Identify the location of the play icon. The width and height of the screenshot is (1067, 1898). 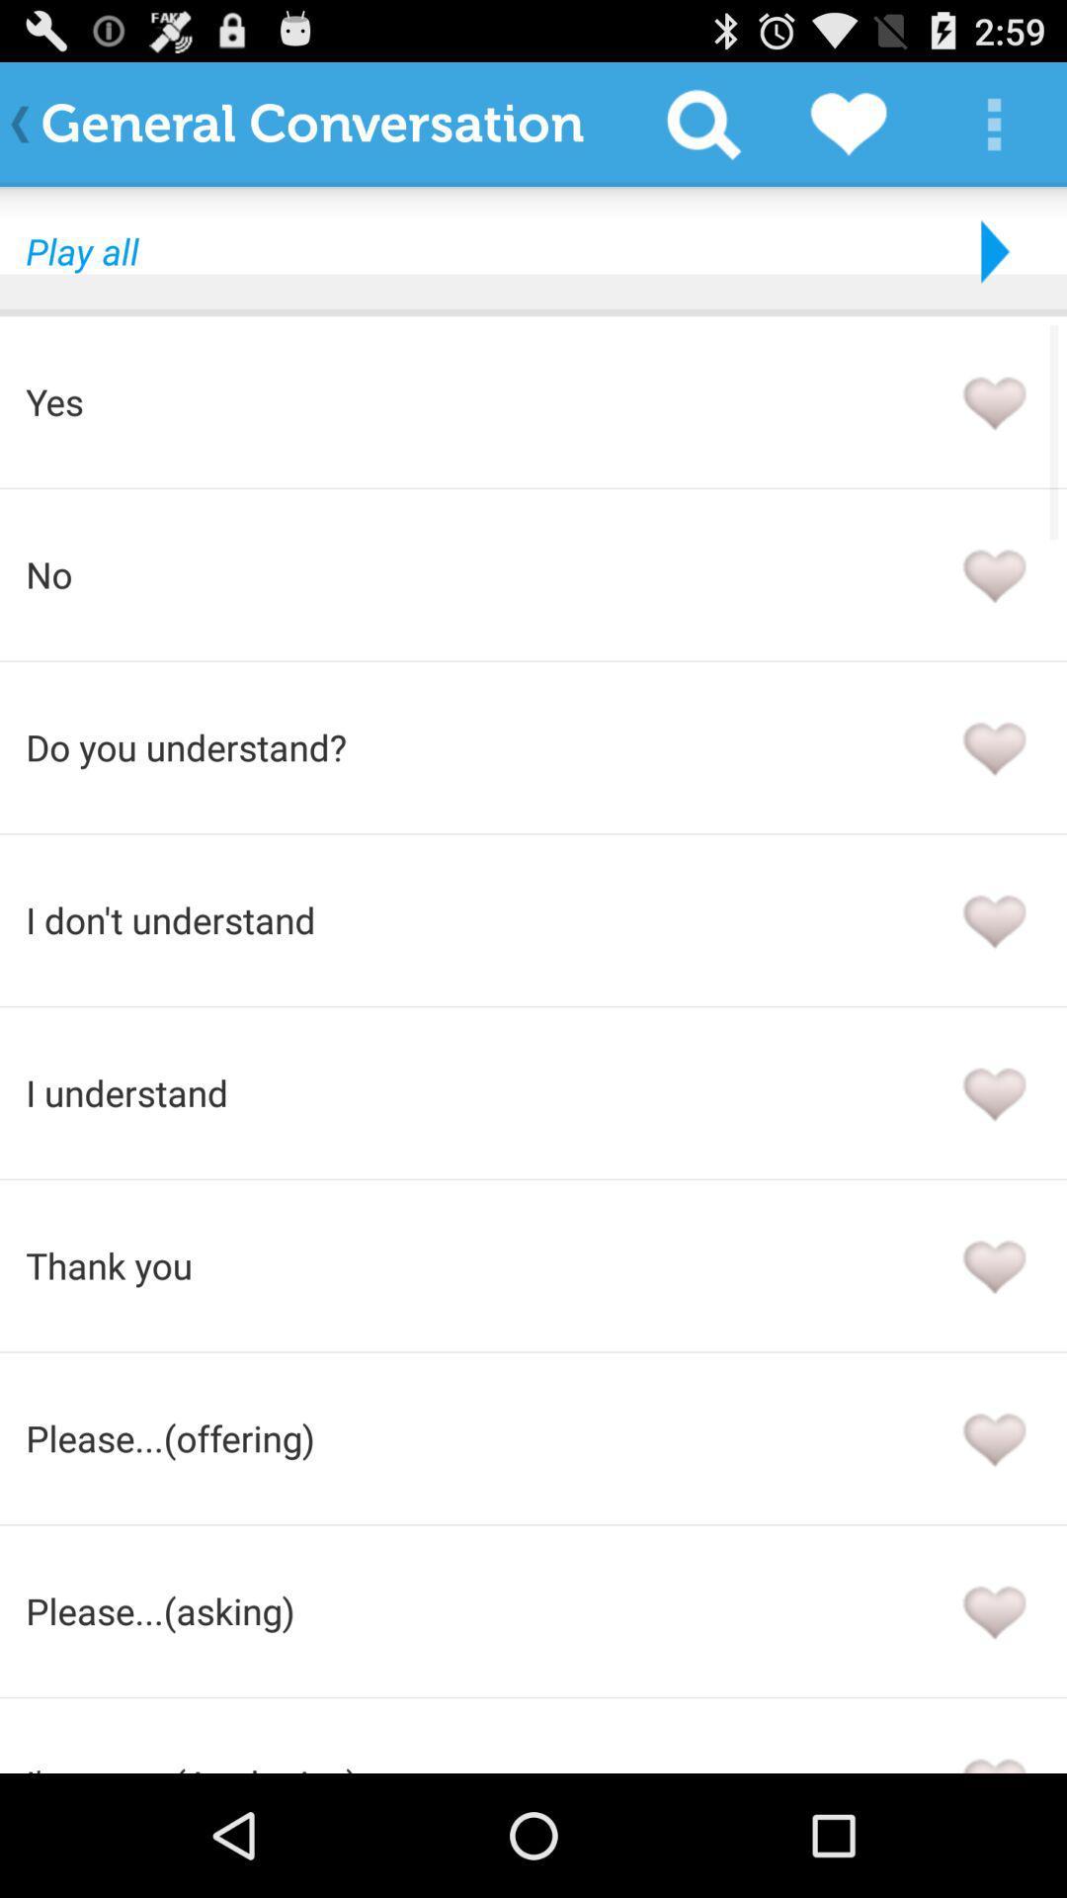
(990, 268).